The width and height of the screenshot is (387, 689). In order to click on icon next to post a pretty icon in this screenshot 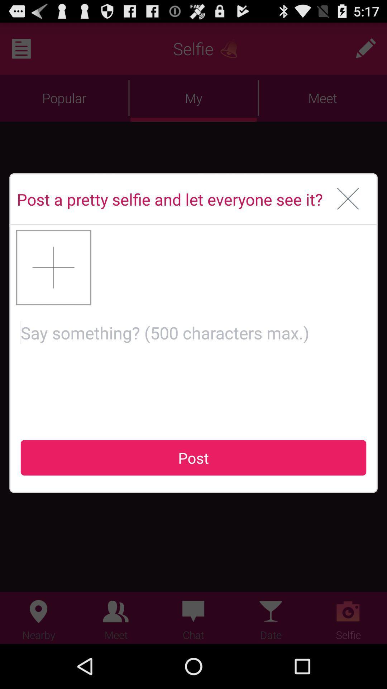, I will do `click(348, 199)`.